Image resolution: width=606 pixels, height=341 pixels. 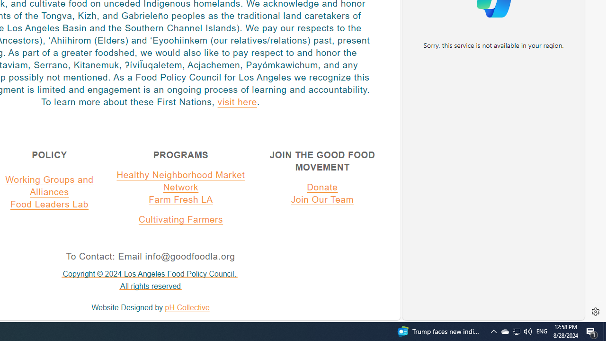 I want to click on 'Settings', so click(x=595, y=312).